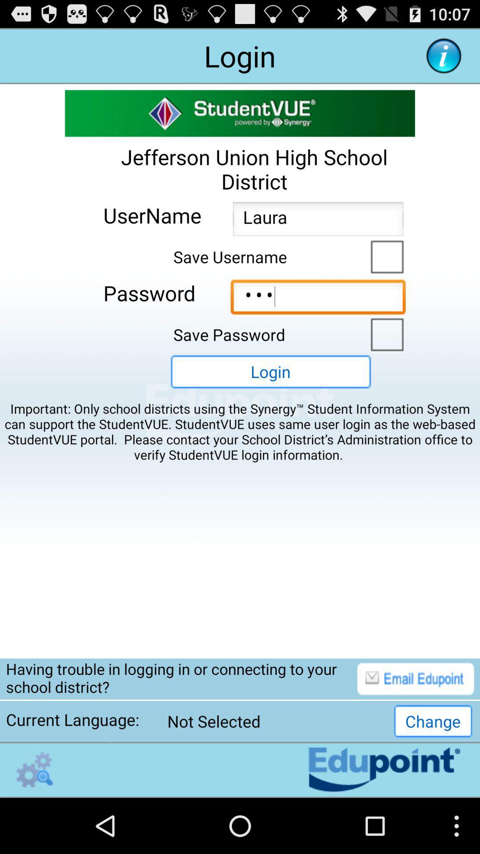  Describe the element at coordinates (444, 55) in the screenshot. I see `see more information` at that location.